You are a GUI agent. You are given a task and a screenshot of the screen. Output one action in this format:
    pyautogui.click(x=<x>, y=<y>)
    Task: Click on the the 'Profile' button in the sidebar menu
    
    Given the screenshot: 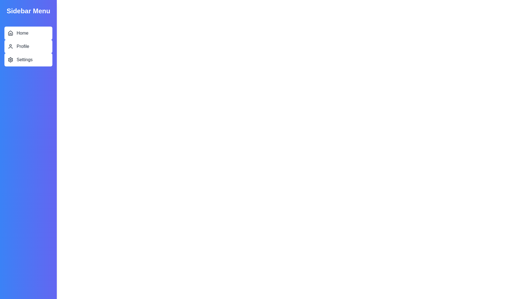 What is the action you would take?
    pyautogui.click(x=28, y=46)
    